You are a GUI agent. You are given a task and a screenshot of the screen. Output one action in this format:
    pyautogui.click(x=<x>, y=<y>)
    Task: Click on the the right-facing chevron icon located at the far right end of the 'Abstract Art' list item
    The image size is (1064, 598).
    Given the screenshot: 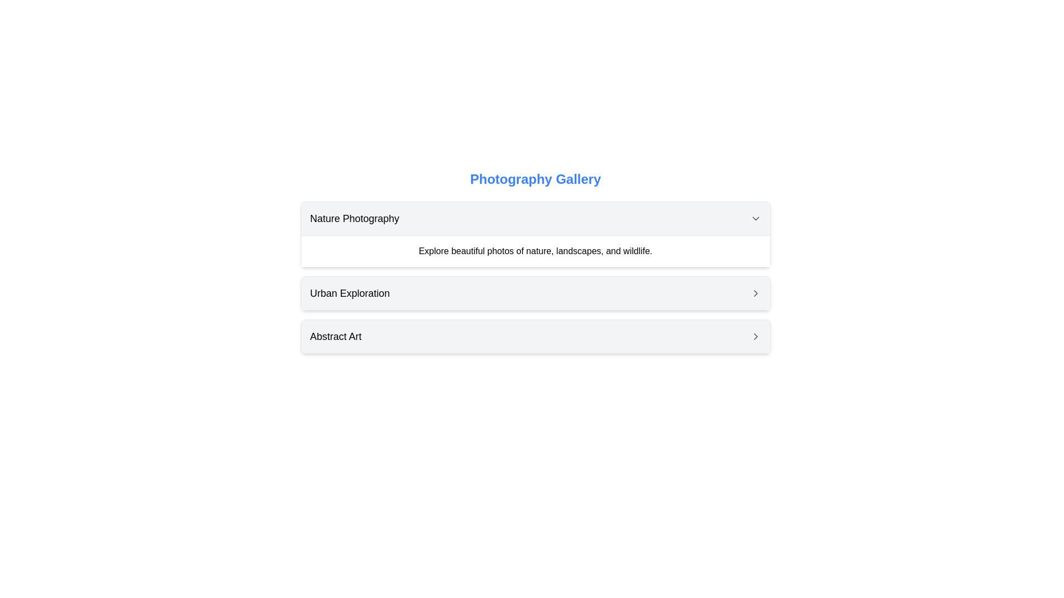 What is the action you would take?
    pyautogui.click(x=755, y=336)
    